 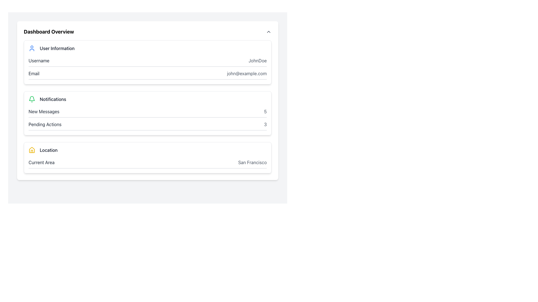 What do you see at coordinates (41, 162) in the screenshot?
I see `the 'Current Area' text label, which is styled in gray and located in the 'Location' section of the interface` at bounding box center [41, 162].